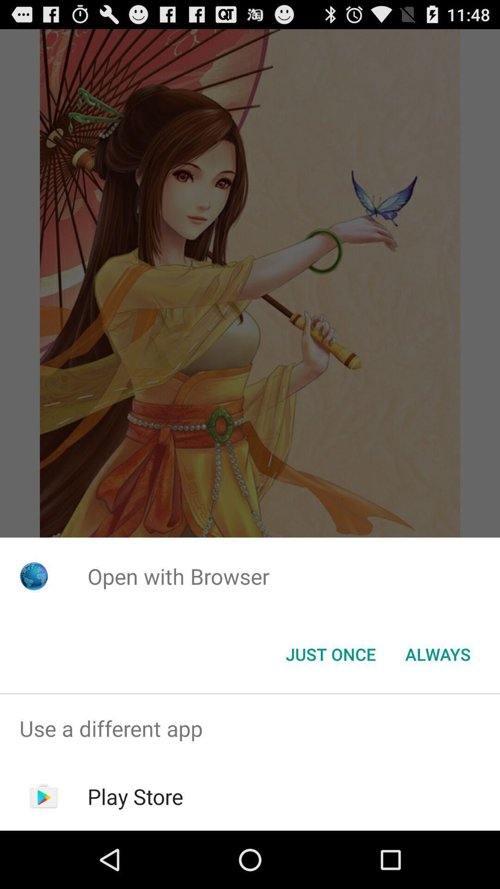  I want to click on the button next to the always, so click(330, 653).